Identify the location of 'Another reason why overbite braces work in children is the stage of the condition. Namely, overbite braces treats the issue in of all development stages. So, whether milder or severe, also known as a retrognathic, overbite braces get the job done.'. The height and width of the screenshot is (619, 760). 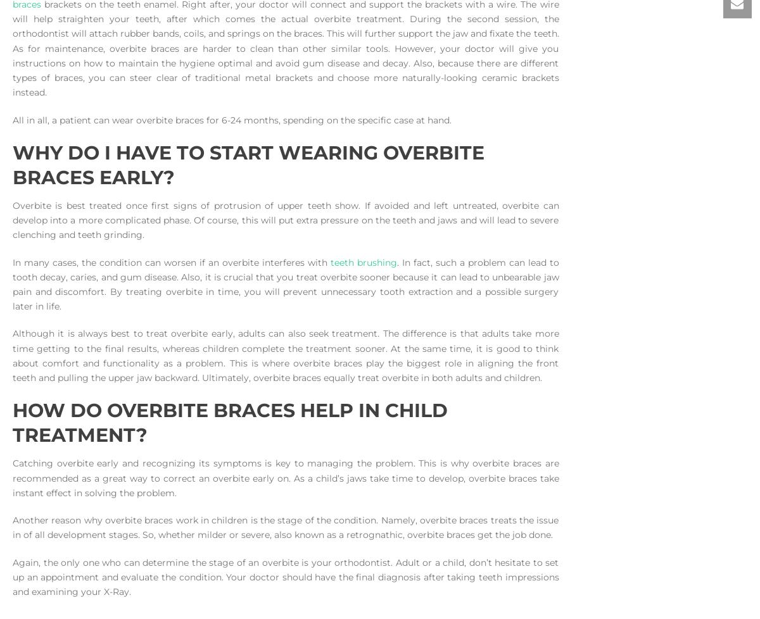
(285, 527).